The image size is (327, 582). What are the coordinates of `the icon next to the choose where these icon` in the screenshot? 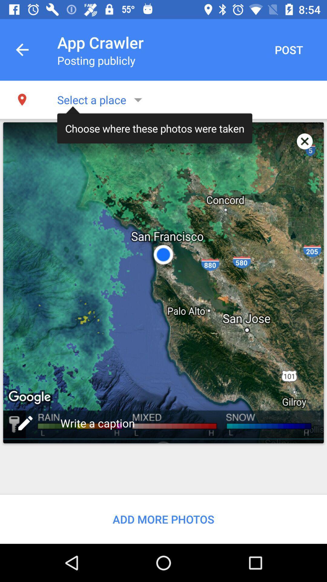 It's located at (305, 141).